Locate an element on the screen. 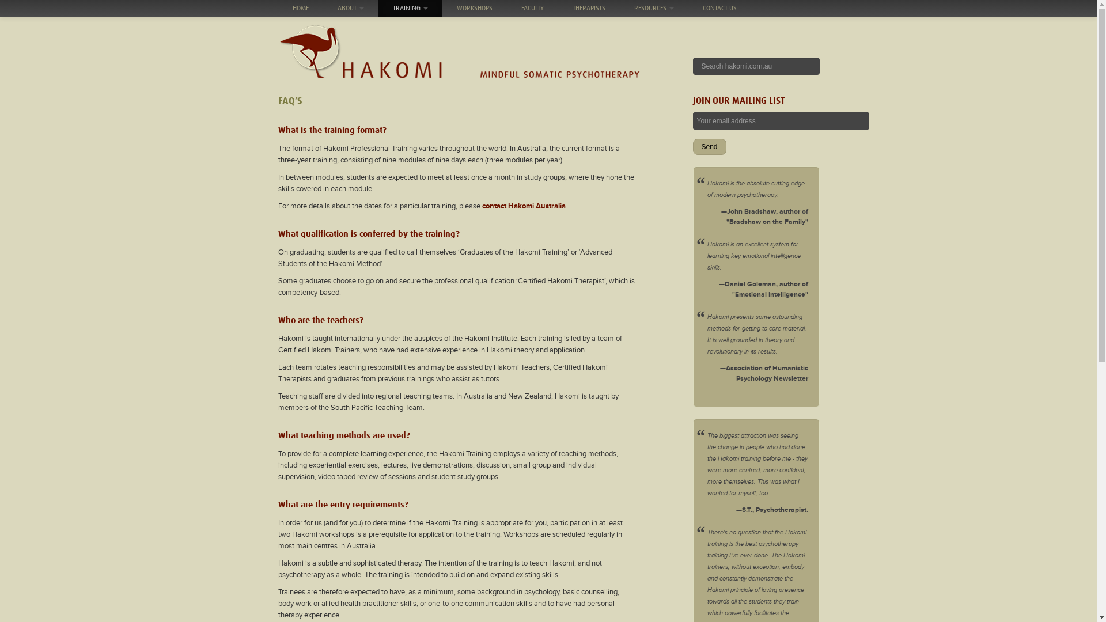 The height and width of the screenshot is (622, 1106). 'CONTACT US' is located at coordinates (688, 9).